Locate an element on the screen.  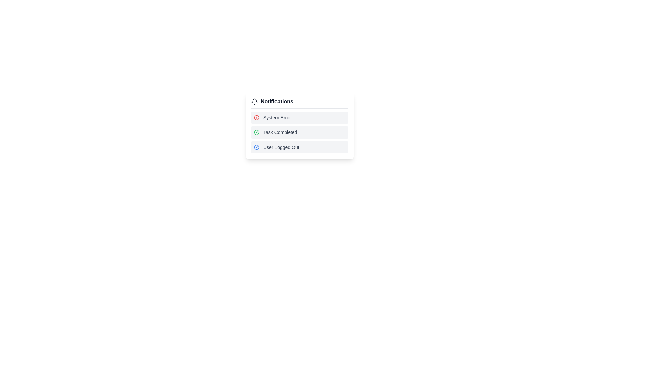
the alert icon indicating a 'System Error' notification located on the left side of the notification entry by moving the cursor to its center is located at coordinates (256, 117).